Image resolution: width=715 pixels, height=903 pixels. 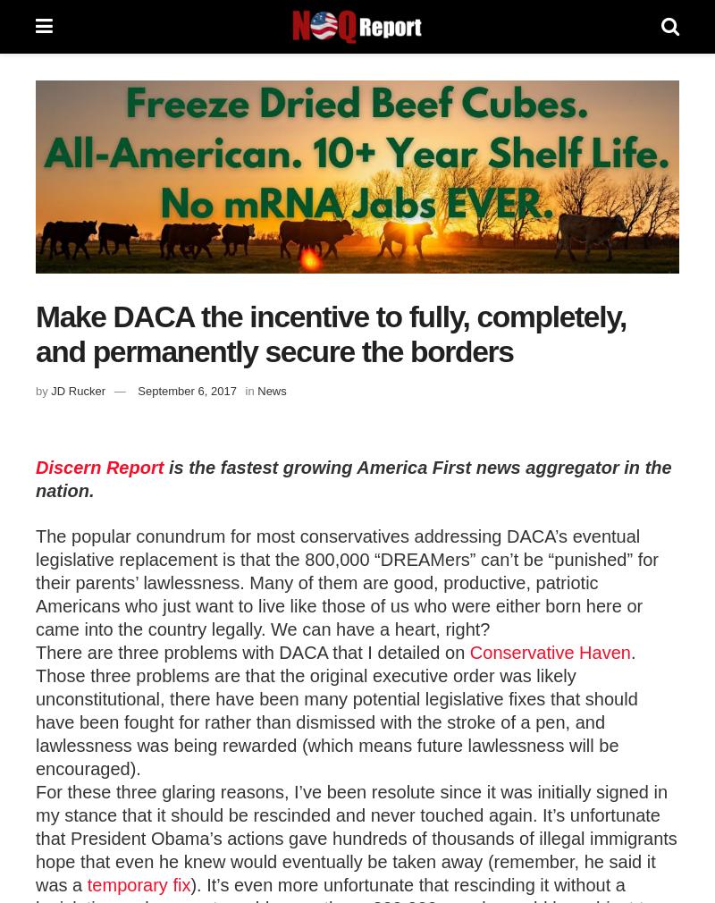 What do you see at coordinates (346, 581) in the screenshot?
I see `'The popular conundrum for most conservatives addressing DACA’s eventual legislative replacement is that the 800,000 “DREAMers” can’t be “punished” for their parents’ lawlessness. Many of them are good, productive, patriotic Americans who just want to live like those of us who were either born here or came into the country legally. We can have a heart, right?'` at bounding box center [346, 581].